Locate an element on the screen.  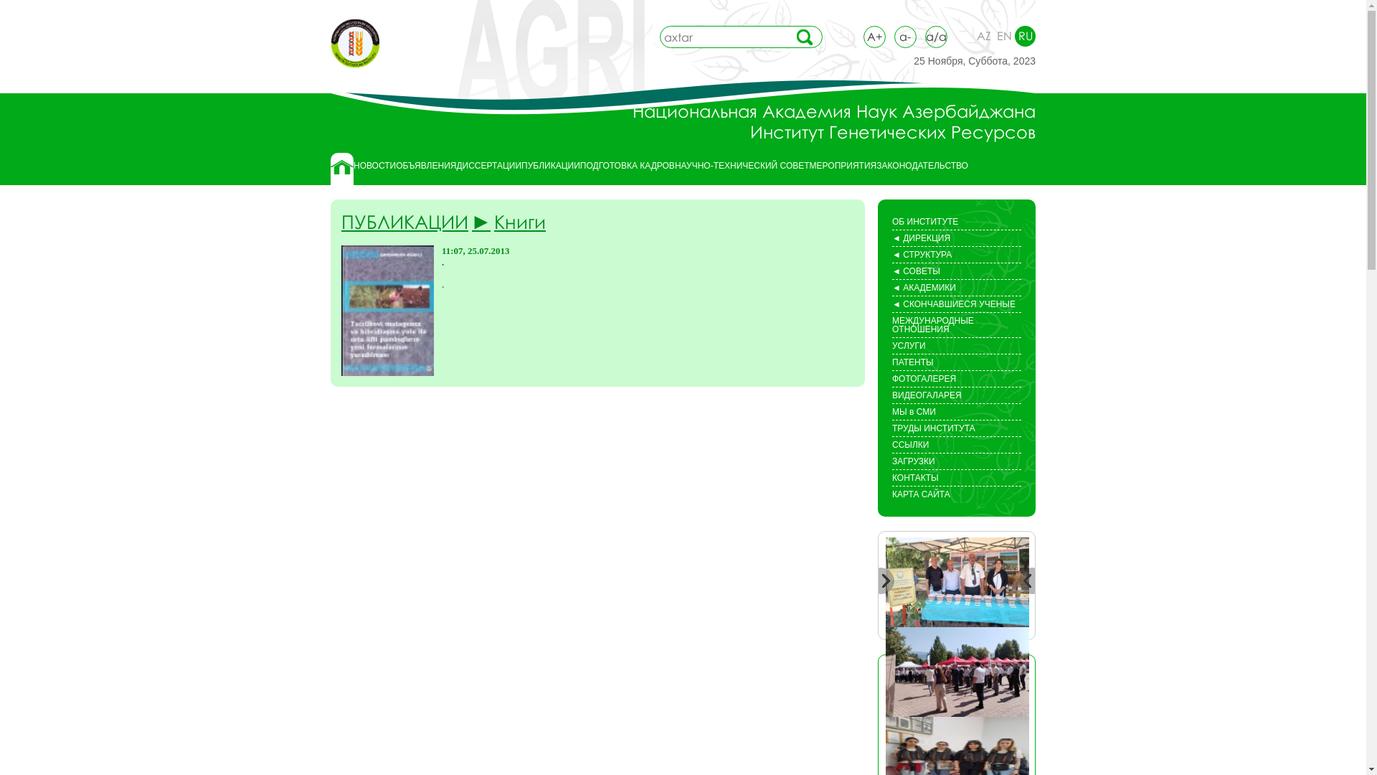
'AZ' is located at coordinates (983, 35).